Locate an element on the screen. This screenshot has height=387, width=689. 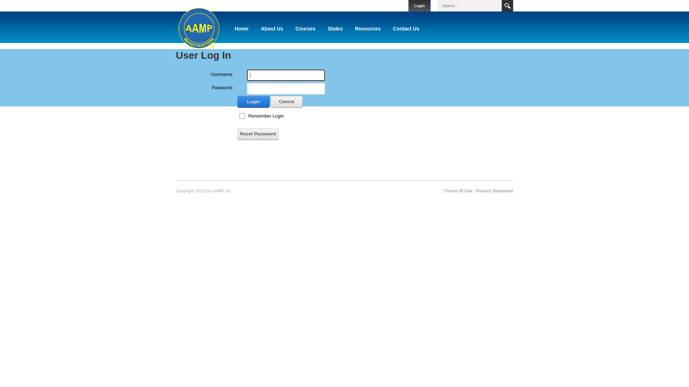
'Australian Association of Manutention Practitioners ' is located at coordinates (175, 27).